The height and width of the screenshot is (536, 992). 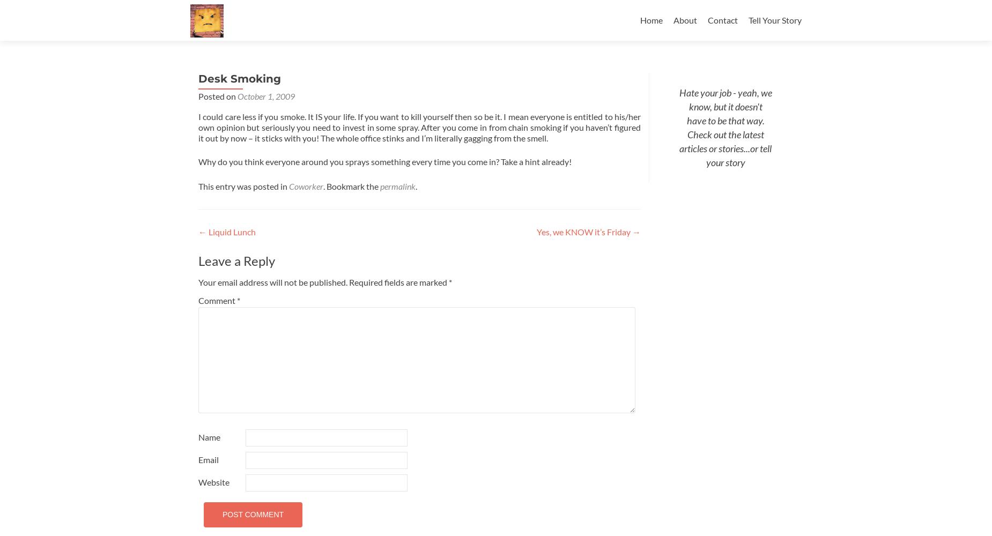 What do you see at coordinates (198, 96) in the screenshot?
I see `'Posted on'` at bounding box center [198, 96].